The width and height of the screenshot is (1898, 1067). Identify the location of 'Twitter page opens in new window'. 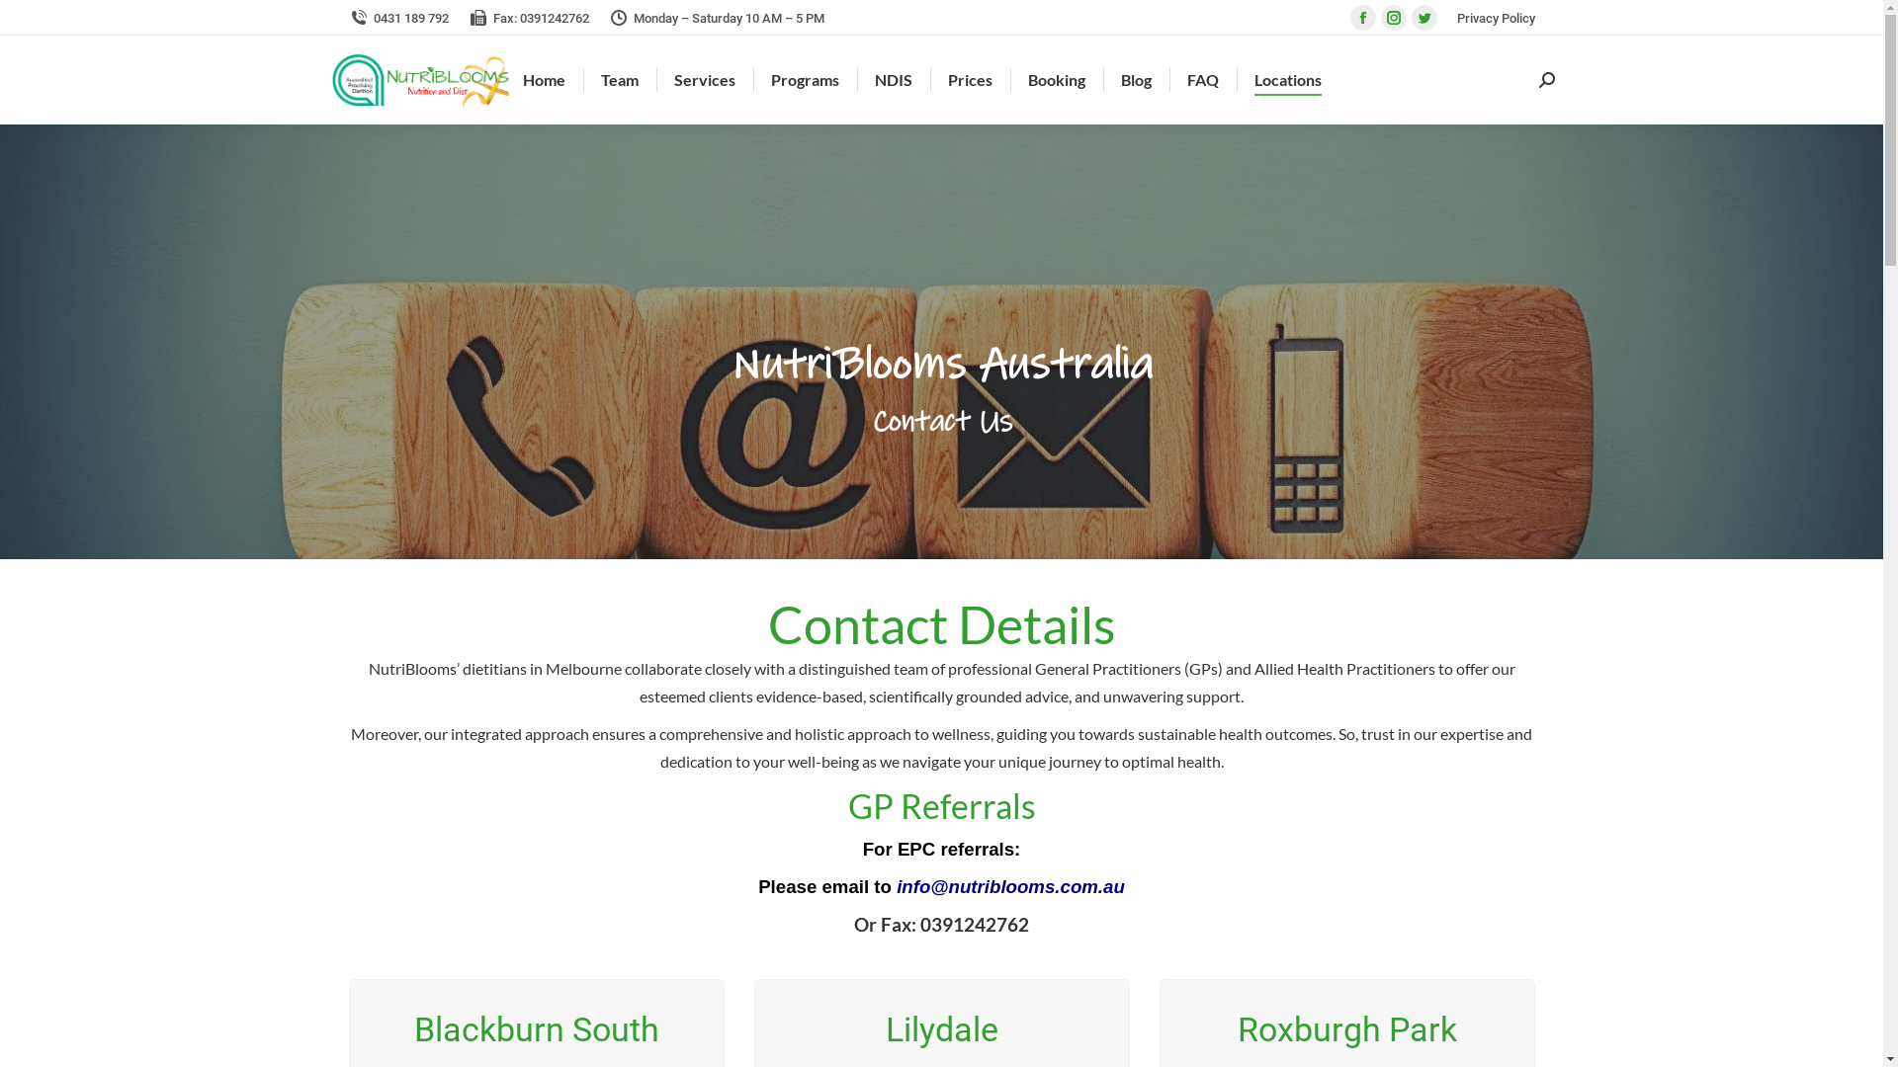
(1423, 18).